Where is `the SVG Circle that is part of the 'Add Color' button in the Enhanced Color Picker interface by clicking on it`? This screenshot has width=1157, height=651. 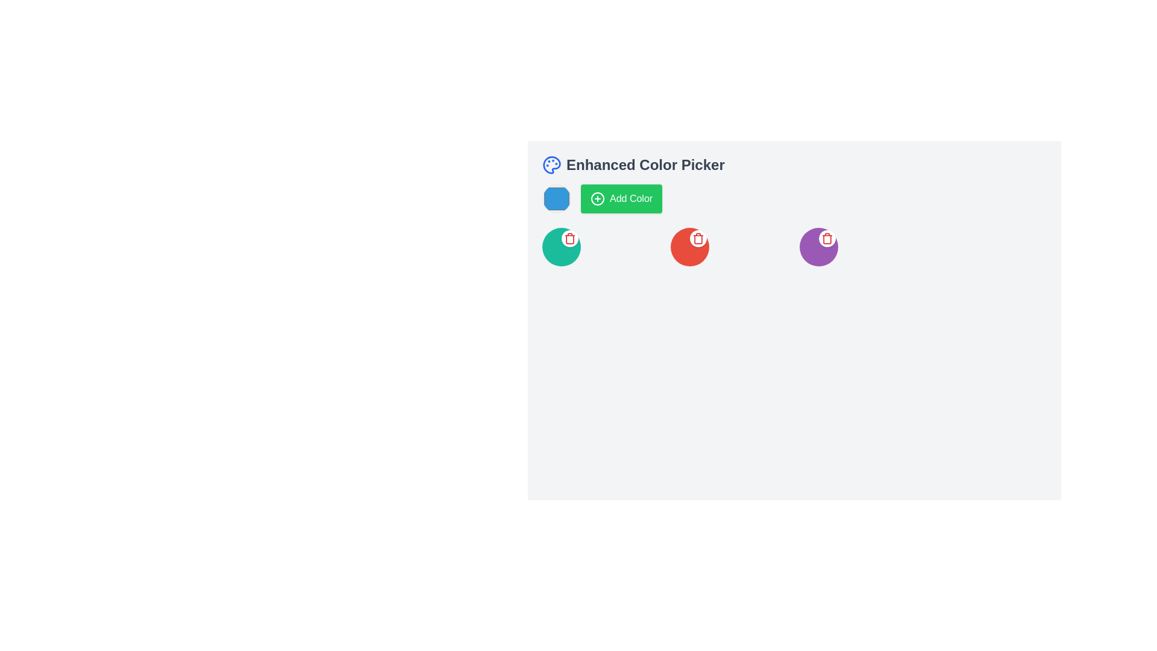 the SVG Circle that is part of the 'Add Color' button in the Enhanced Color Picker interface by clicking on it is located at coordinates (598, 198).